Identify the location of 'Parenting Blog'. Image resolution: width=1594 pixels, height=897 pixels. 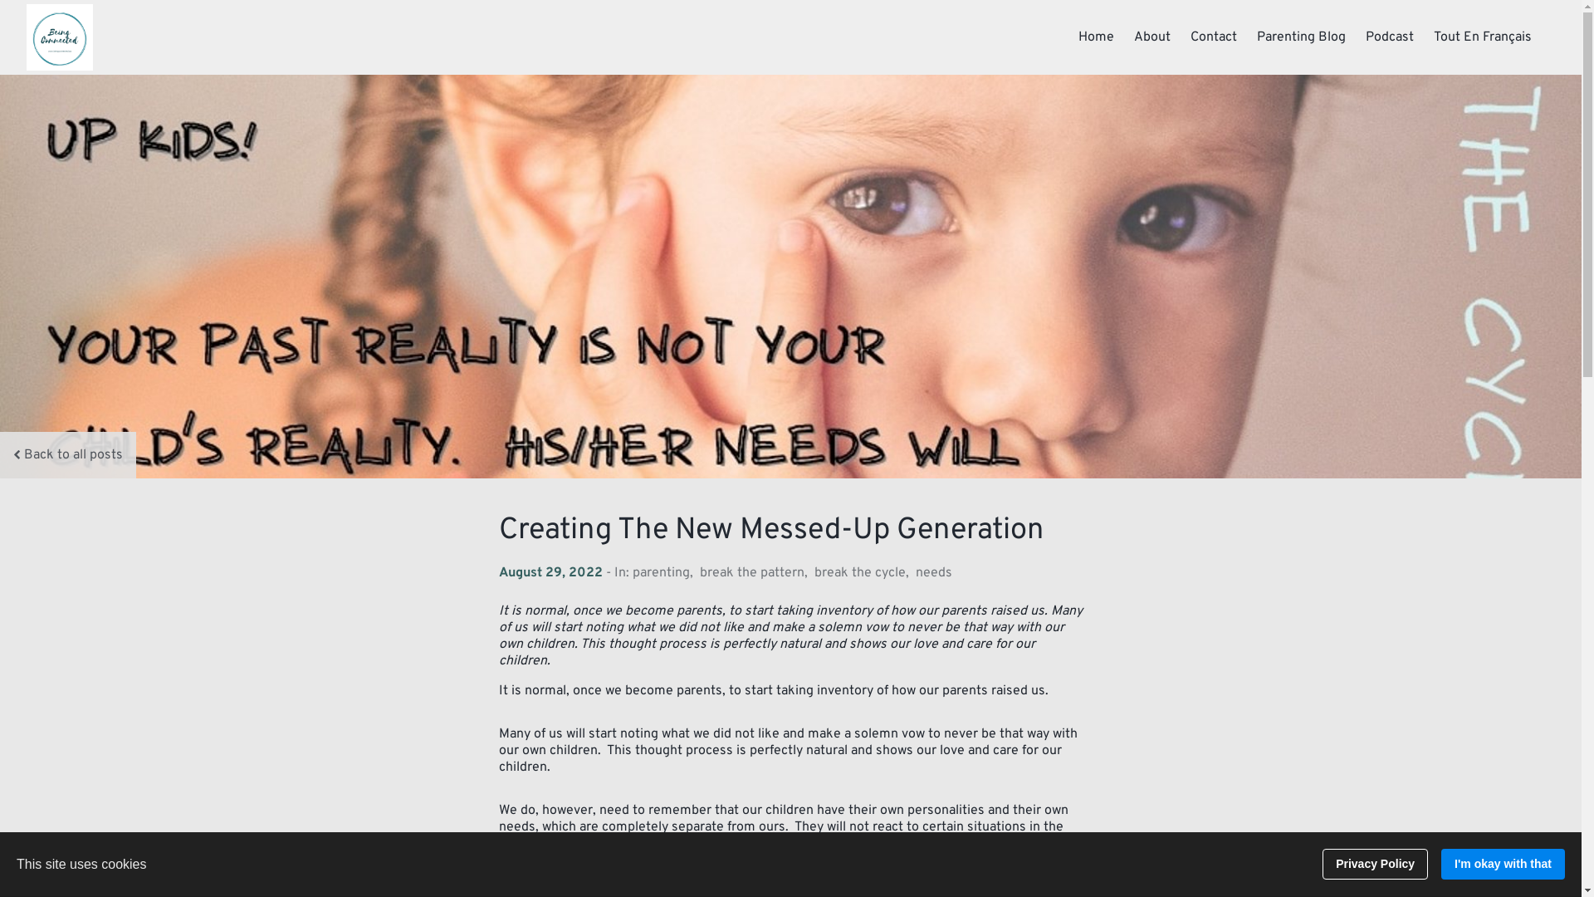
(1300, 37).